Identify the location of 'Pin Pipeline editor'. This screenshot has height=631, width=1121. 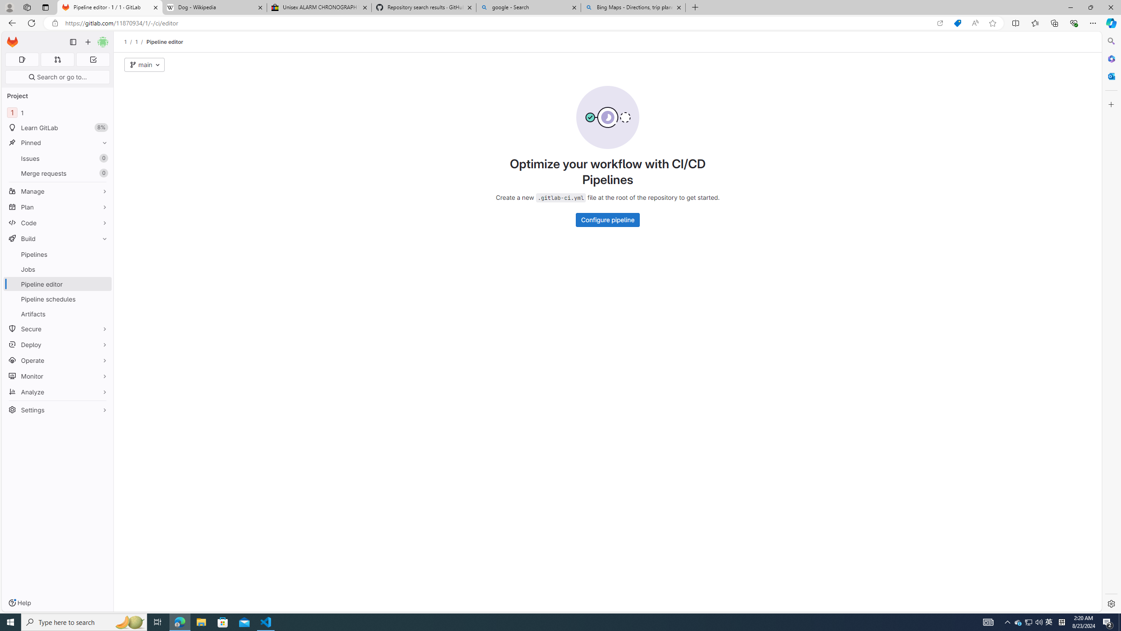
(102, 284).